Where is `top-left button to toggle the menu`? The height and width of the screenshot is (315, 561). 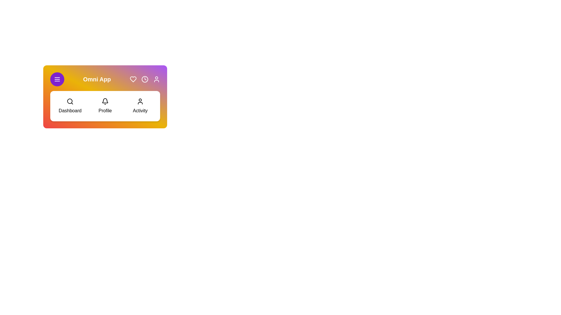 top-left button to toggle the menu is located at coordinates (57, 79).